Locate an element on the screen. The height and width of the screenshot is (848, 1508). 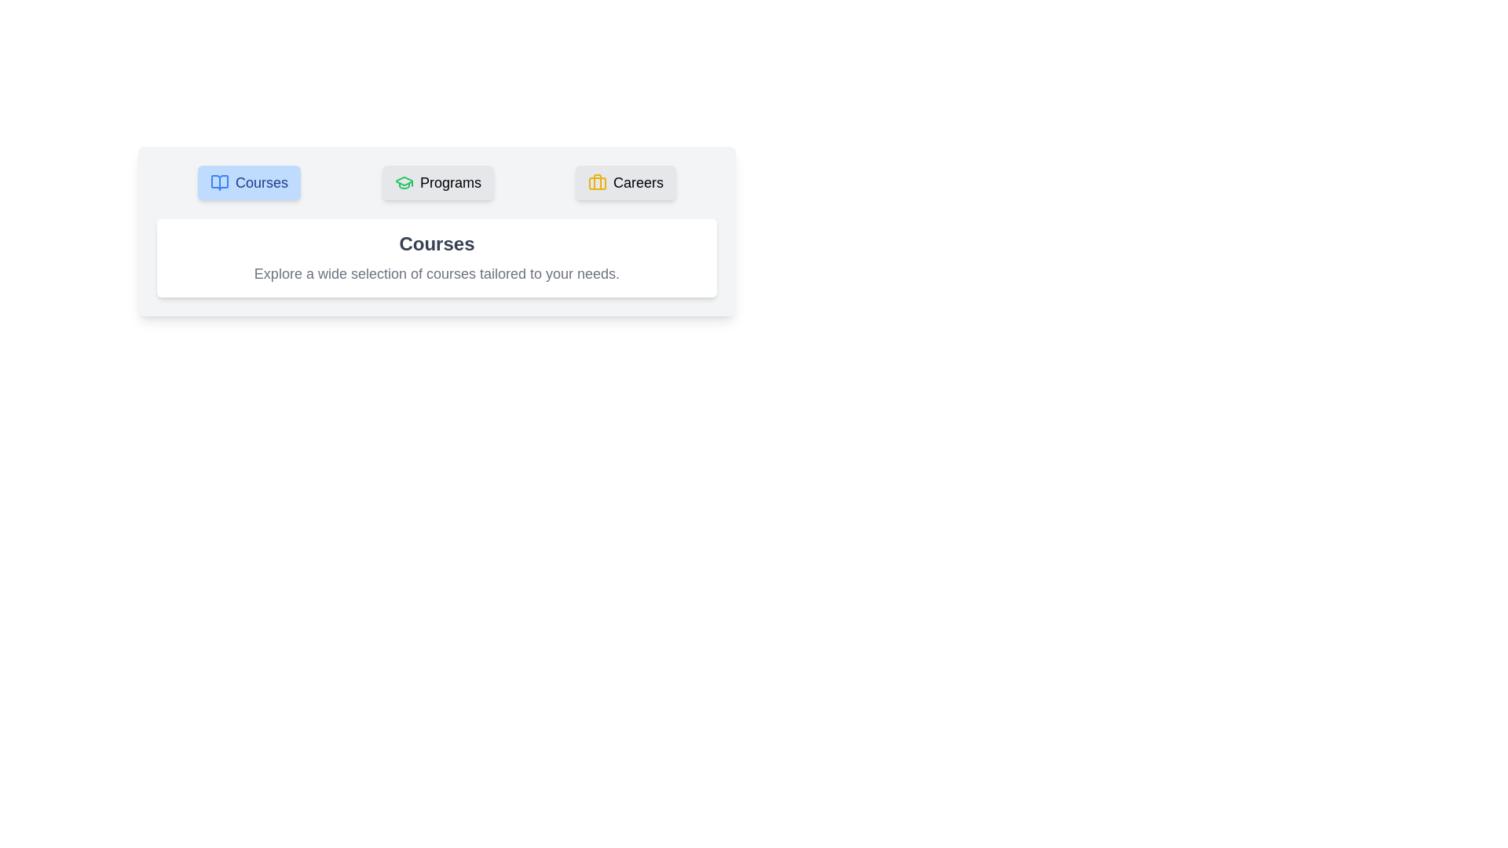
the tab labeled Programs is located at coordinates (437, 181).